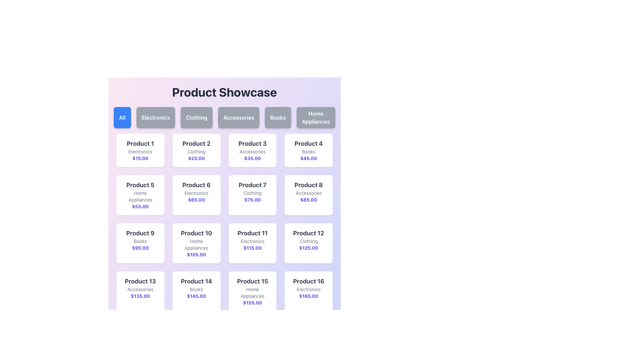 Image resolution: width=642 pixels, height=361 pixels. What do you see at coordinates (252, 281) in the screenshot?
I see `the text label that displays 'Product 15' located at the top of the card in a grid layout` at bounding box center [252, 281].